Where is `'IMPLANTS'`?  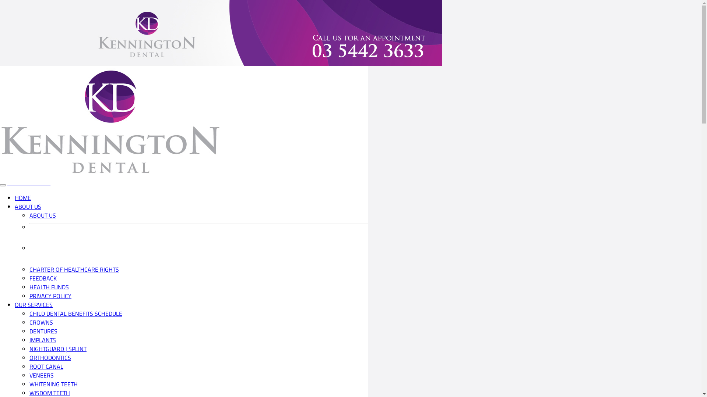 'IMPLANTS' is located at coordinates (42, 340).